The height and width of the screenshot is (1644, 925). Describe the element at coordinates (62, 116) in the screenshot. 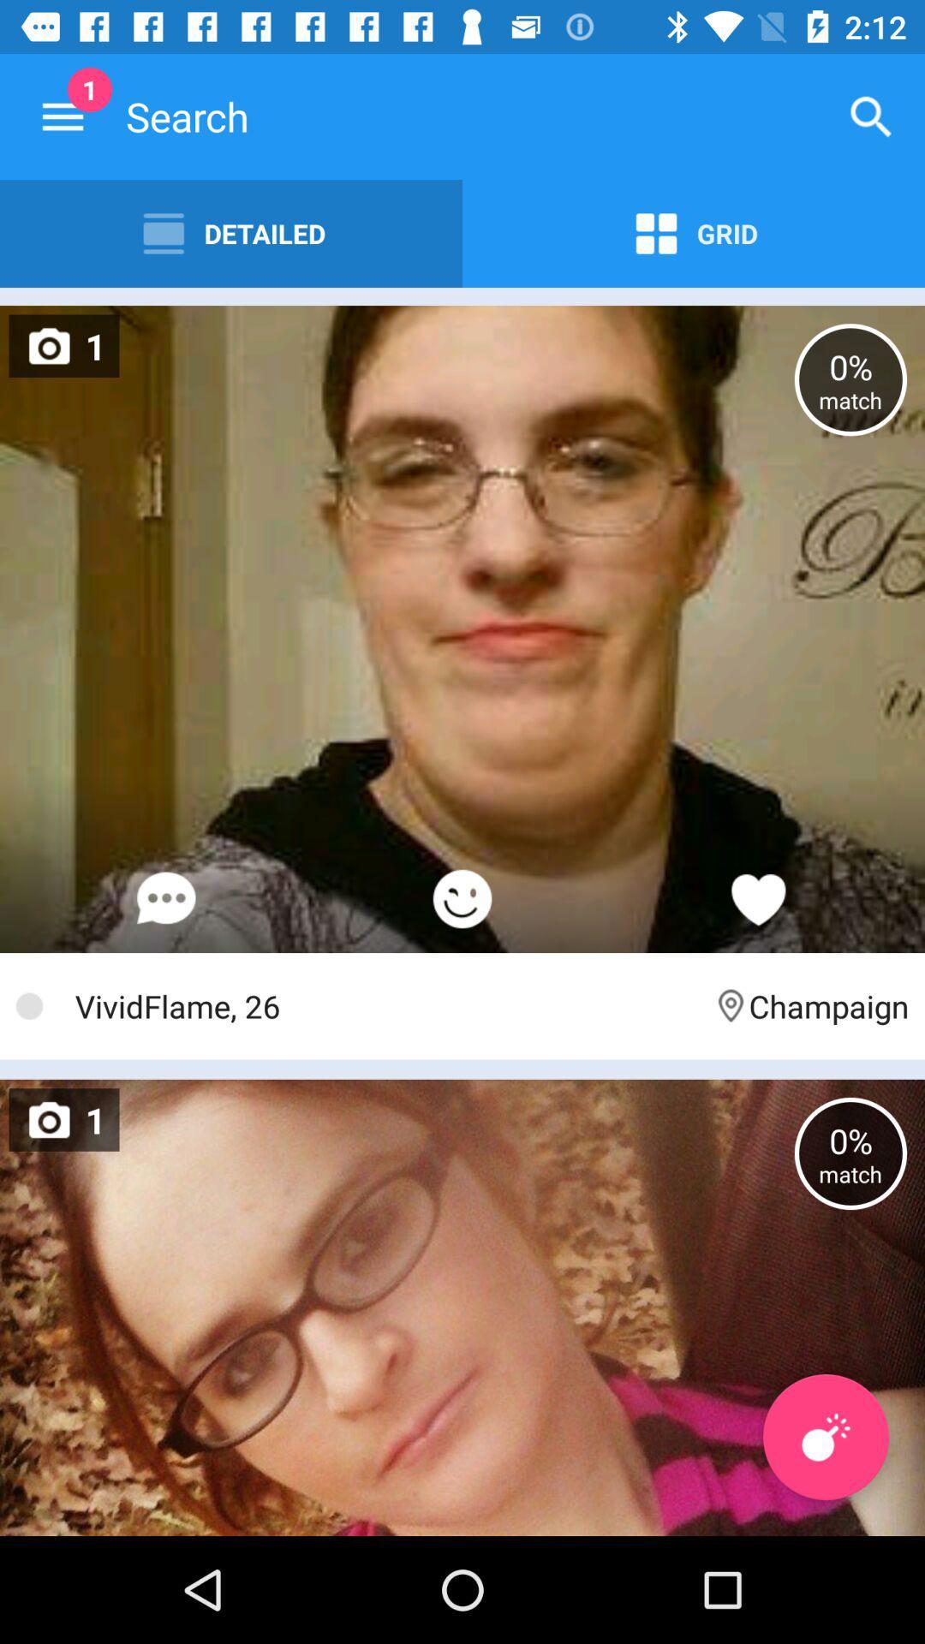

I see `the icon above detailed` at that location.